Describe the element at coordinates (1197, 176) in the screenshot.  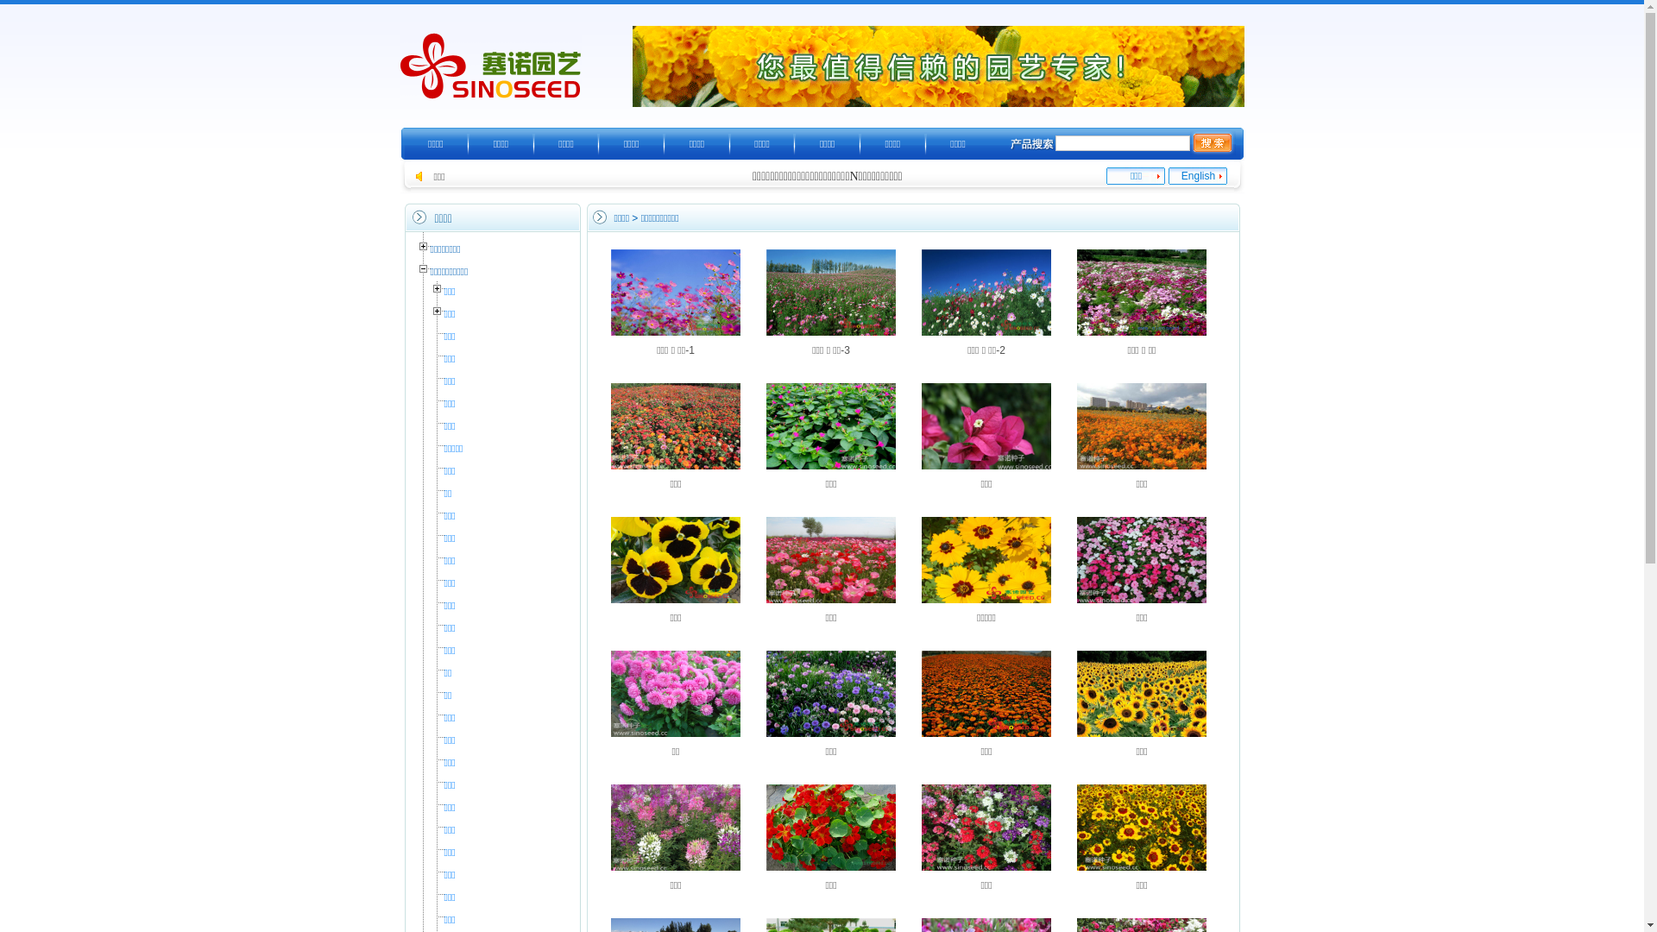
I see `'English'` at that location.